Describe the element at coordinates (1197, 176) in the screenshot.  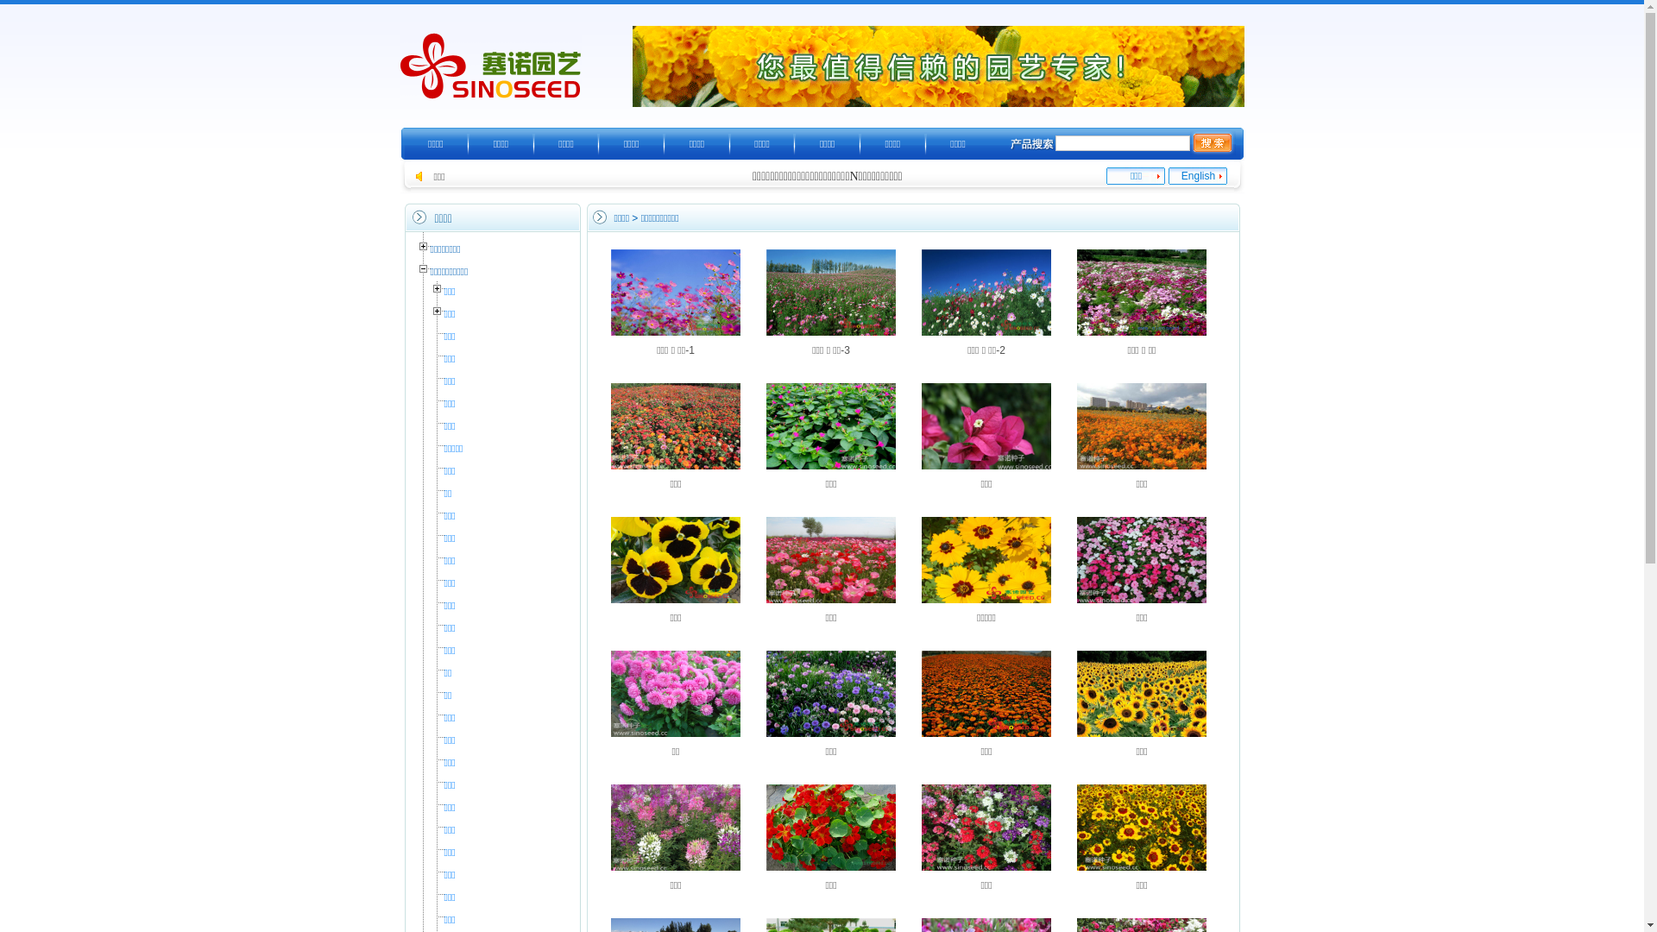
I see `'English'` at that location.